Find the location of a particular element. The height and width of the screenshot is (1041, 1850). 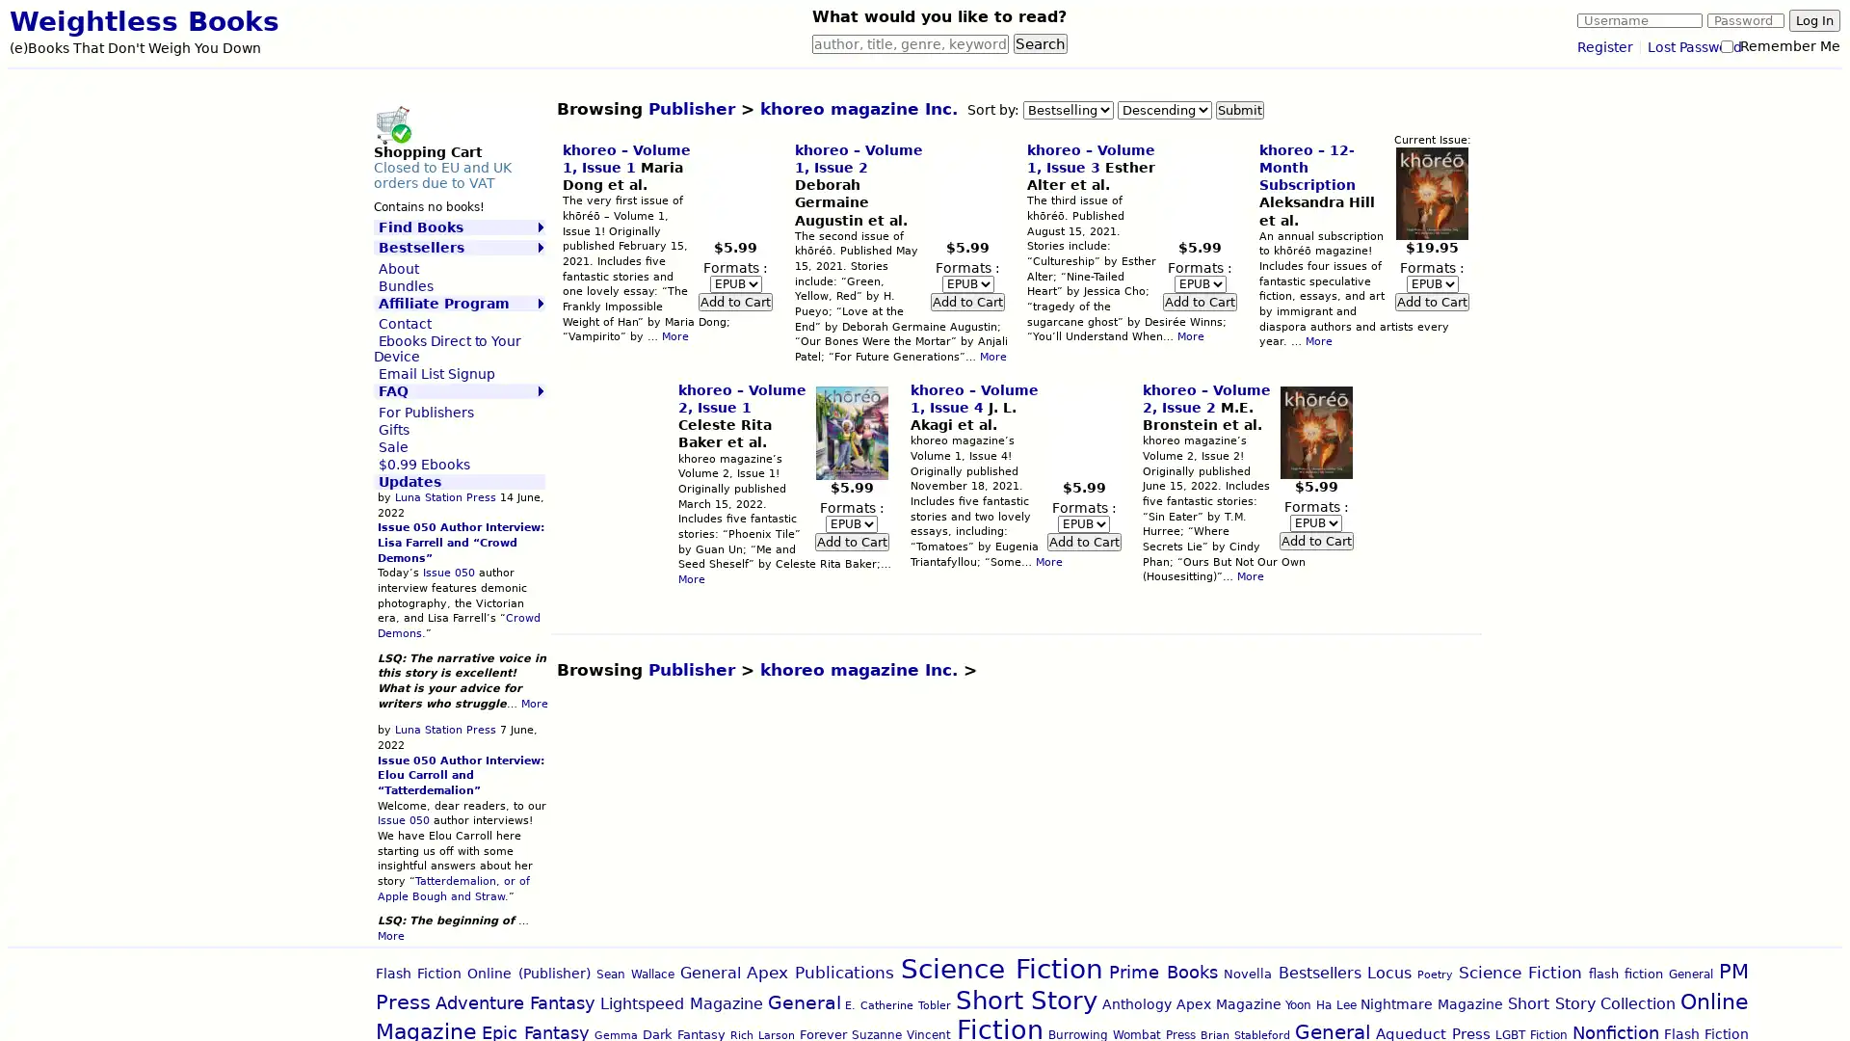

Add to Cart is located at coordinates (1432, 302).